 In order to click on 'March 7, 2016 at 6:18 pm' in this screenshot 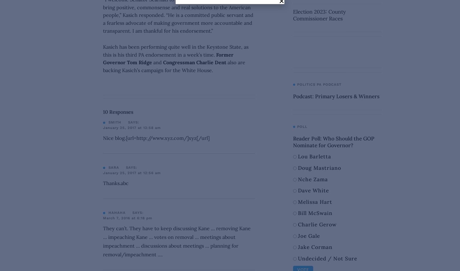, I will do `click(127, 217)`.